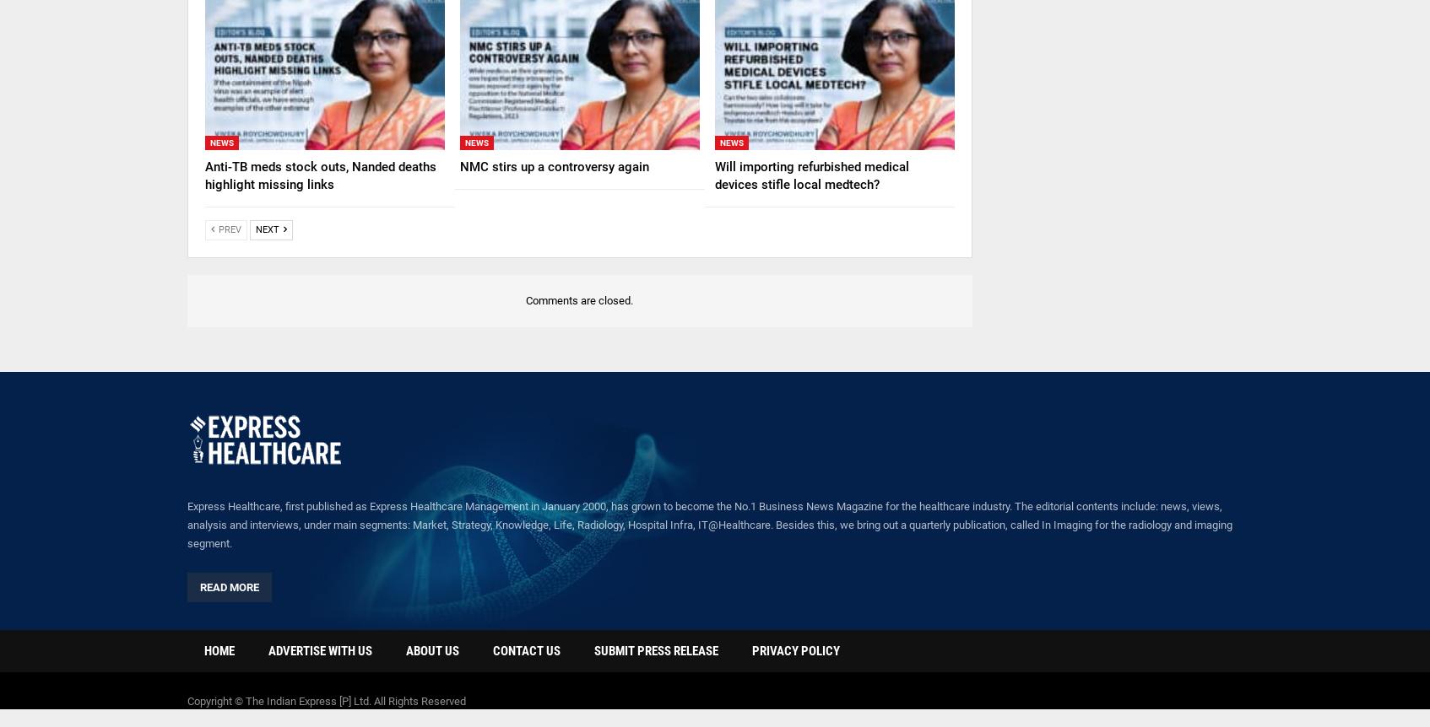 Image resolution: width=1430 pixels, height=727 pixels. What do you see at coordinates (255, 228) in the screenshot?
I see `'Next'` at bounding box center [255, 228].